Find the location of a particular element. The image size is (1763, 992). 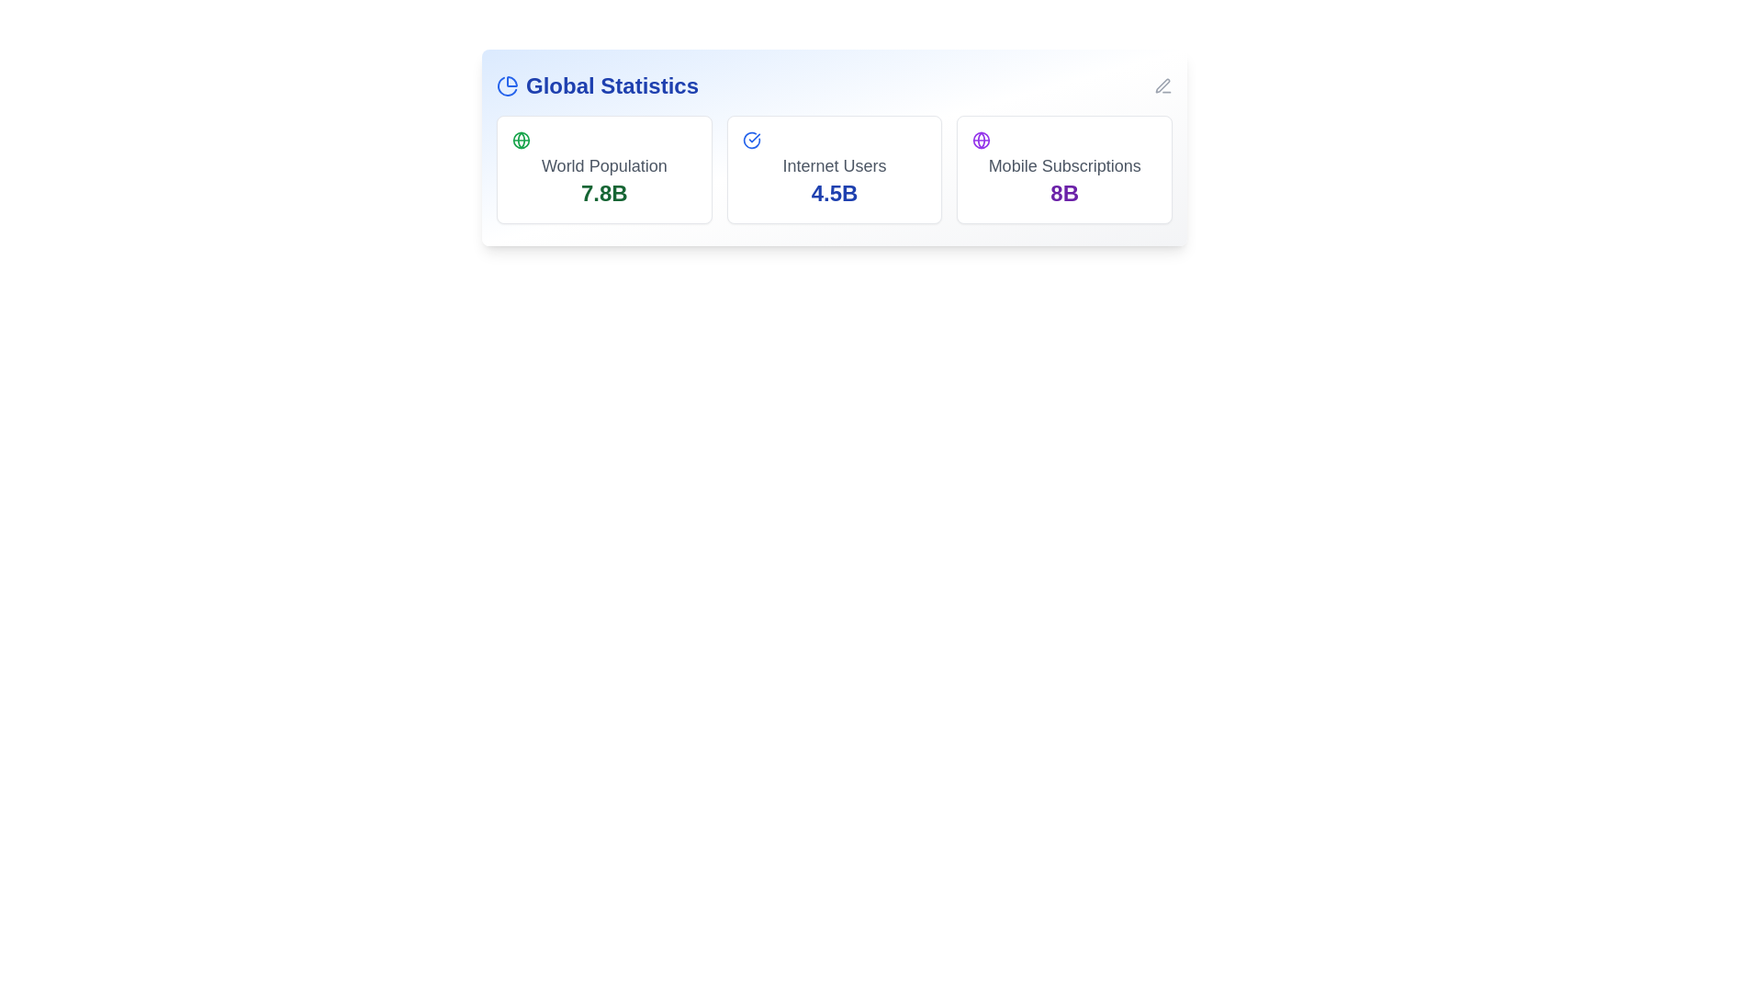

the validation icon located to the left of the 'Internet Users' title and above the 4.5B statistic in the middle card of the three-card layout is located at coordinates (751, 140).